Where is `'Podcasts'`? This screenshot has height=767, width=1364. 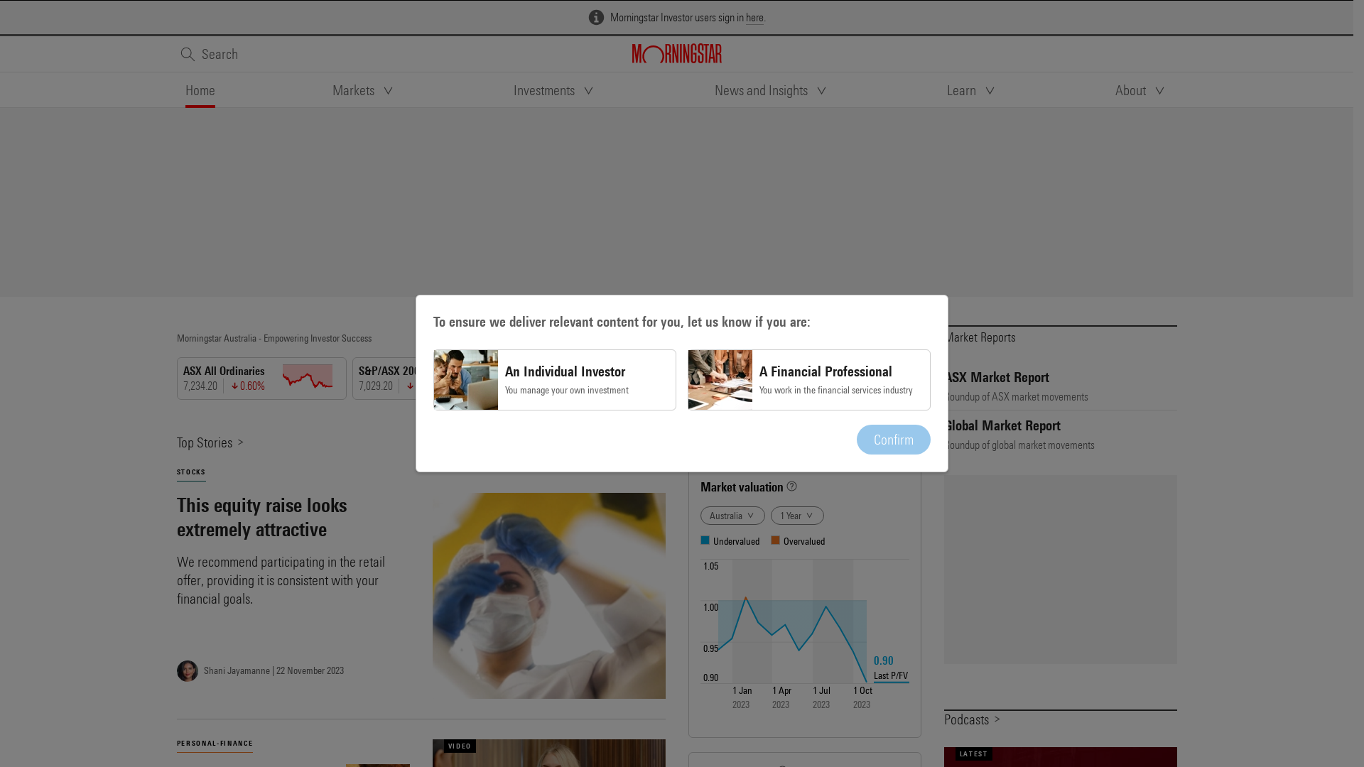 'Podcasts' is located at coordinates (971, 719).